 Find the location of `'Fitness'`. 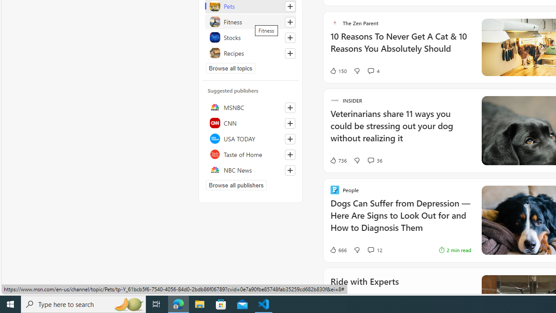

'Fitness' is located at coordinates (250, 21).